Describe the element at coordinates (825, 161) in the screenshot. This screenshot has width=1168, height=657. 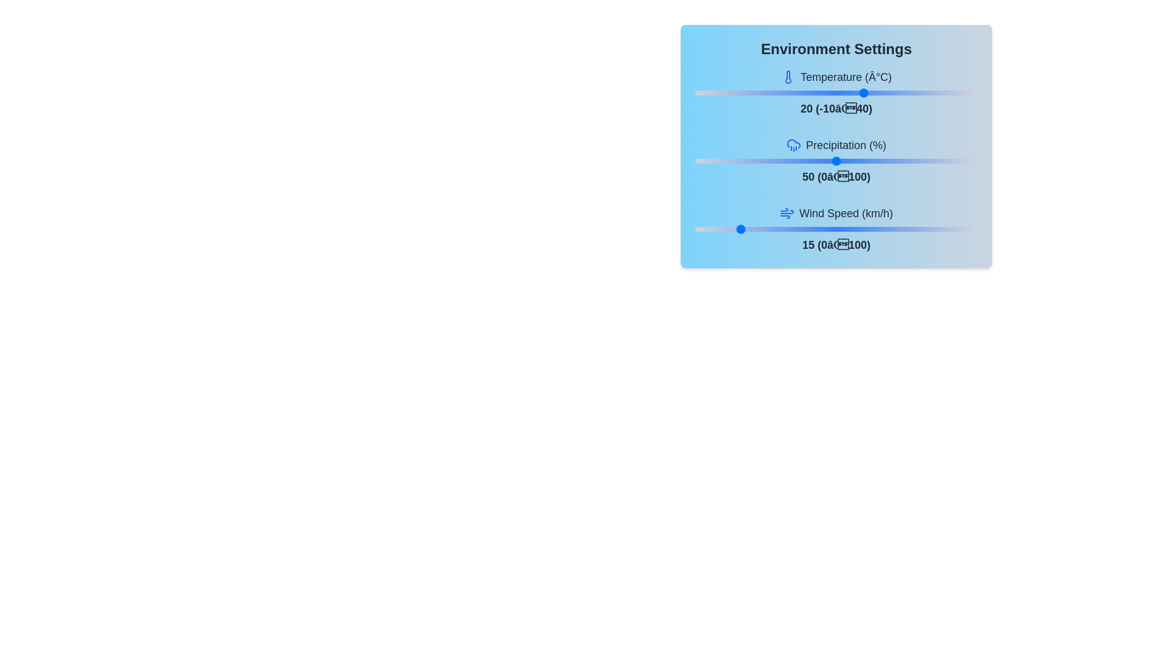
I see `the precipitation` at that location.